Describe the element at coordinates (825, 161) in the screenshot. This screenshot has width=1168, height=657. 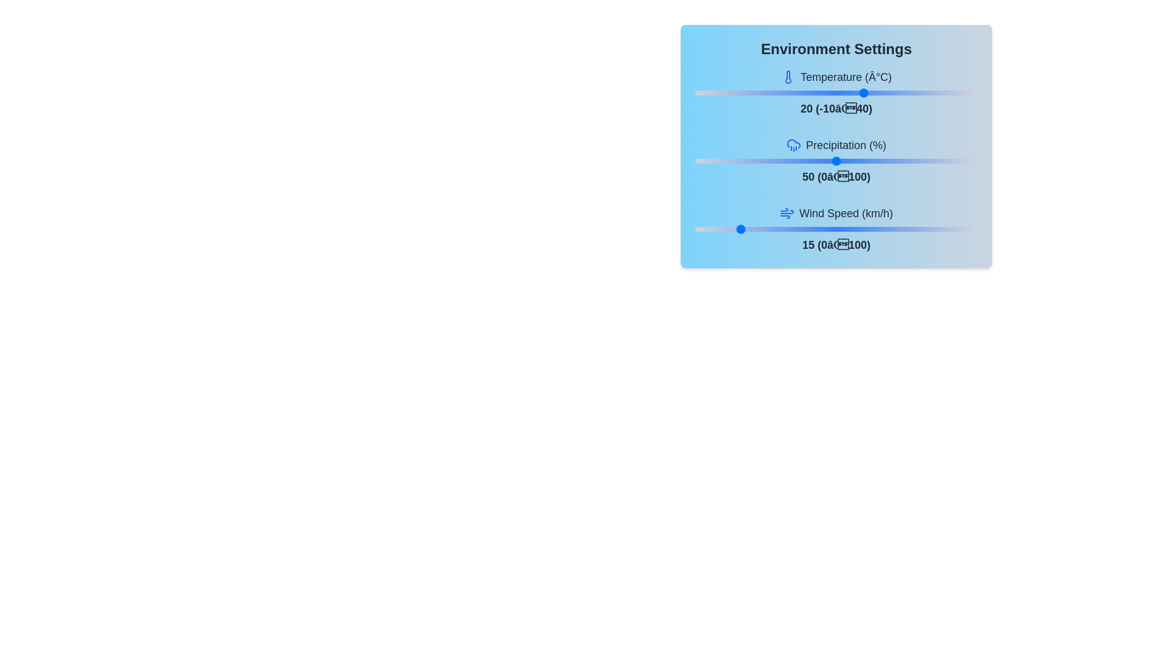
I see `the precipitation` at that location.